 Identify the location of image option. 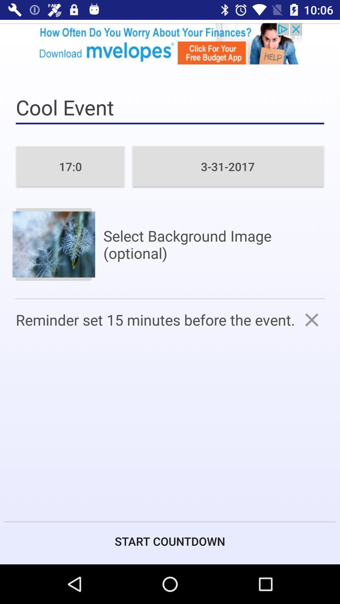
(53, 244).